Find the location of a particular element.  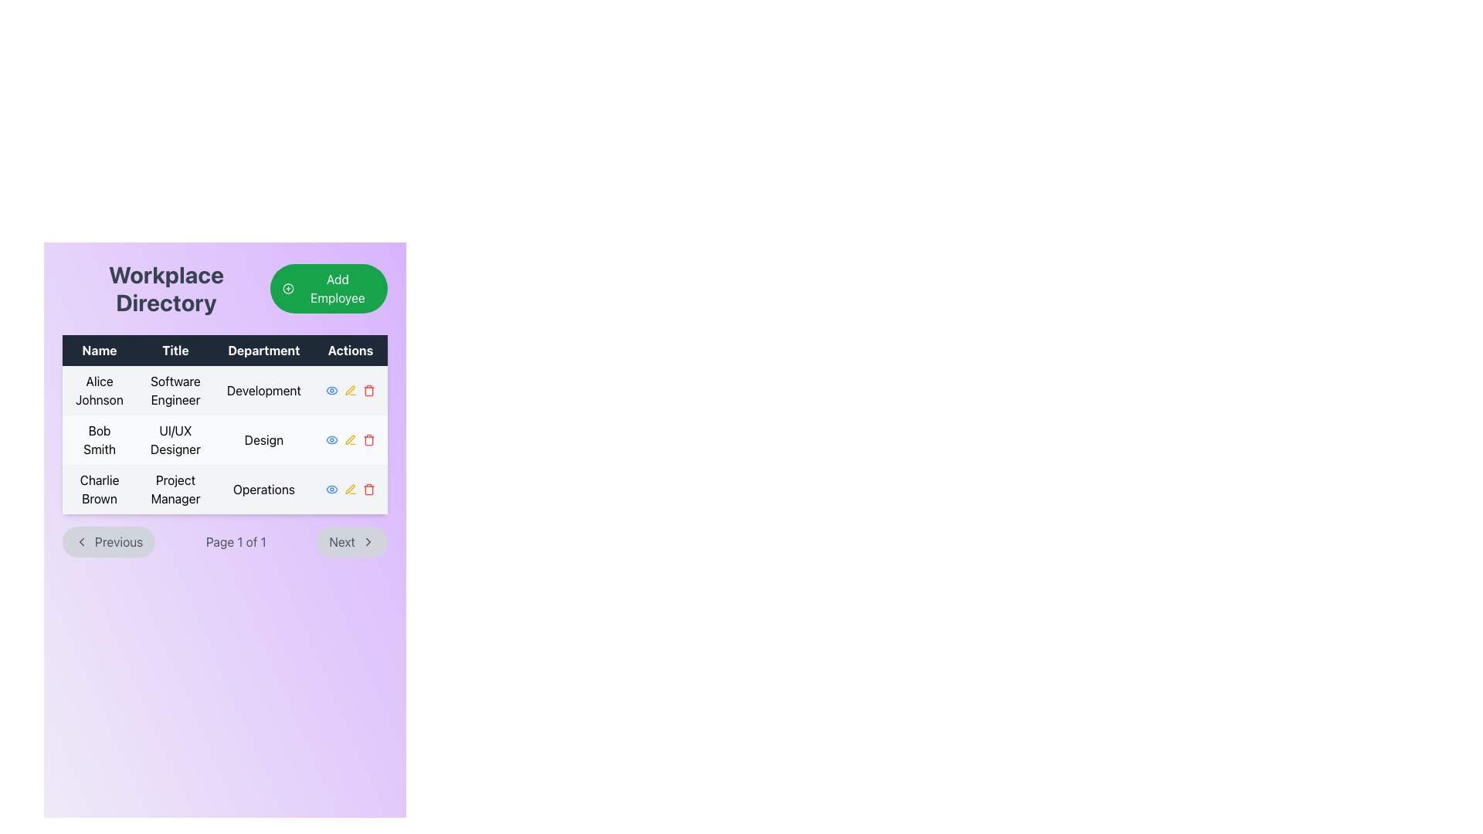

the second row of the employee table displaying Bob Smith's information to edit it in-place is located at coordinates (224, 440).